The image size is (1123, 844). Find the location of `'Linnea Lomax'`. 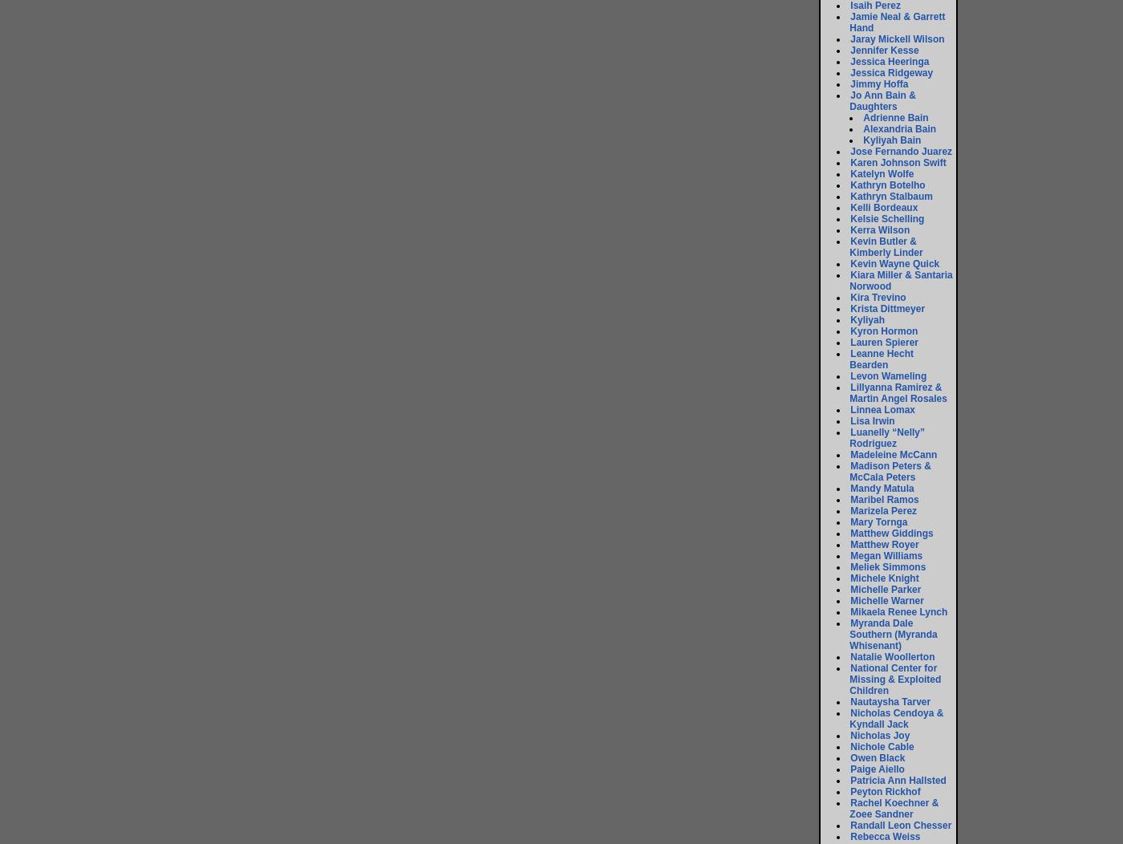

'Linnea Lomax' is located at coordinates (849, 408).